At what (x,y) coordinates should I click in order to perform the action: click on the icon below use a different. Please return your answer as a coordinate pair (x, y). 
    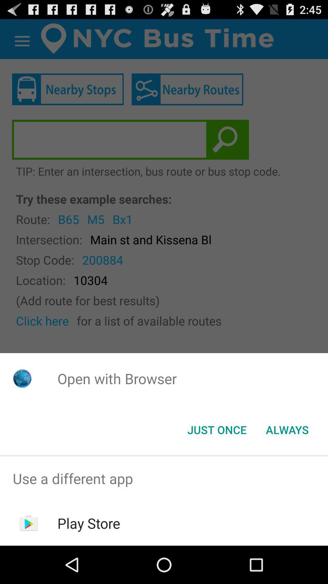
    Looking at the image, I should click on (89, 523).